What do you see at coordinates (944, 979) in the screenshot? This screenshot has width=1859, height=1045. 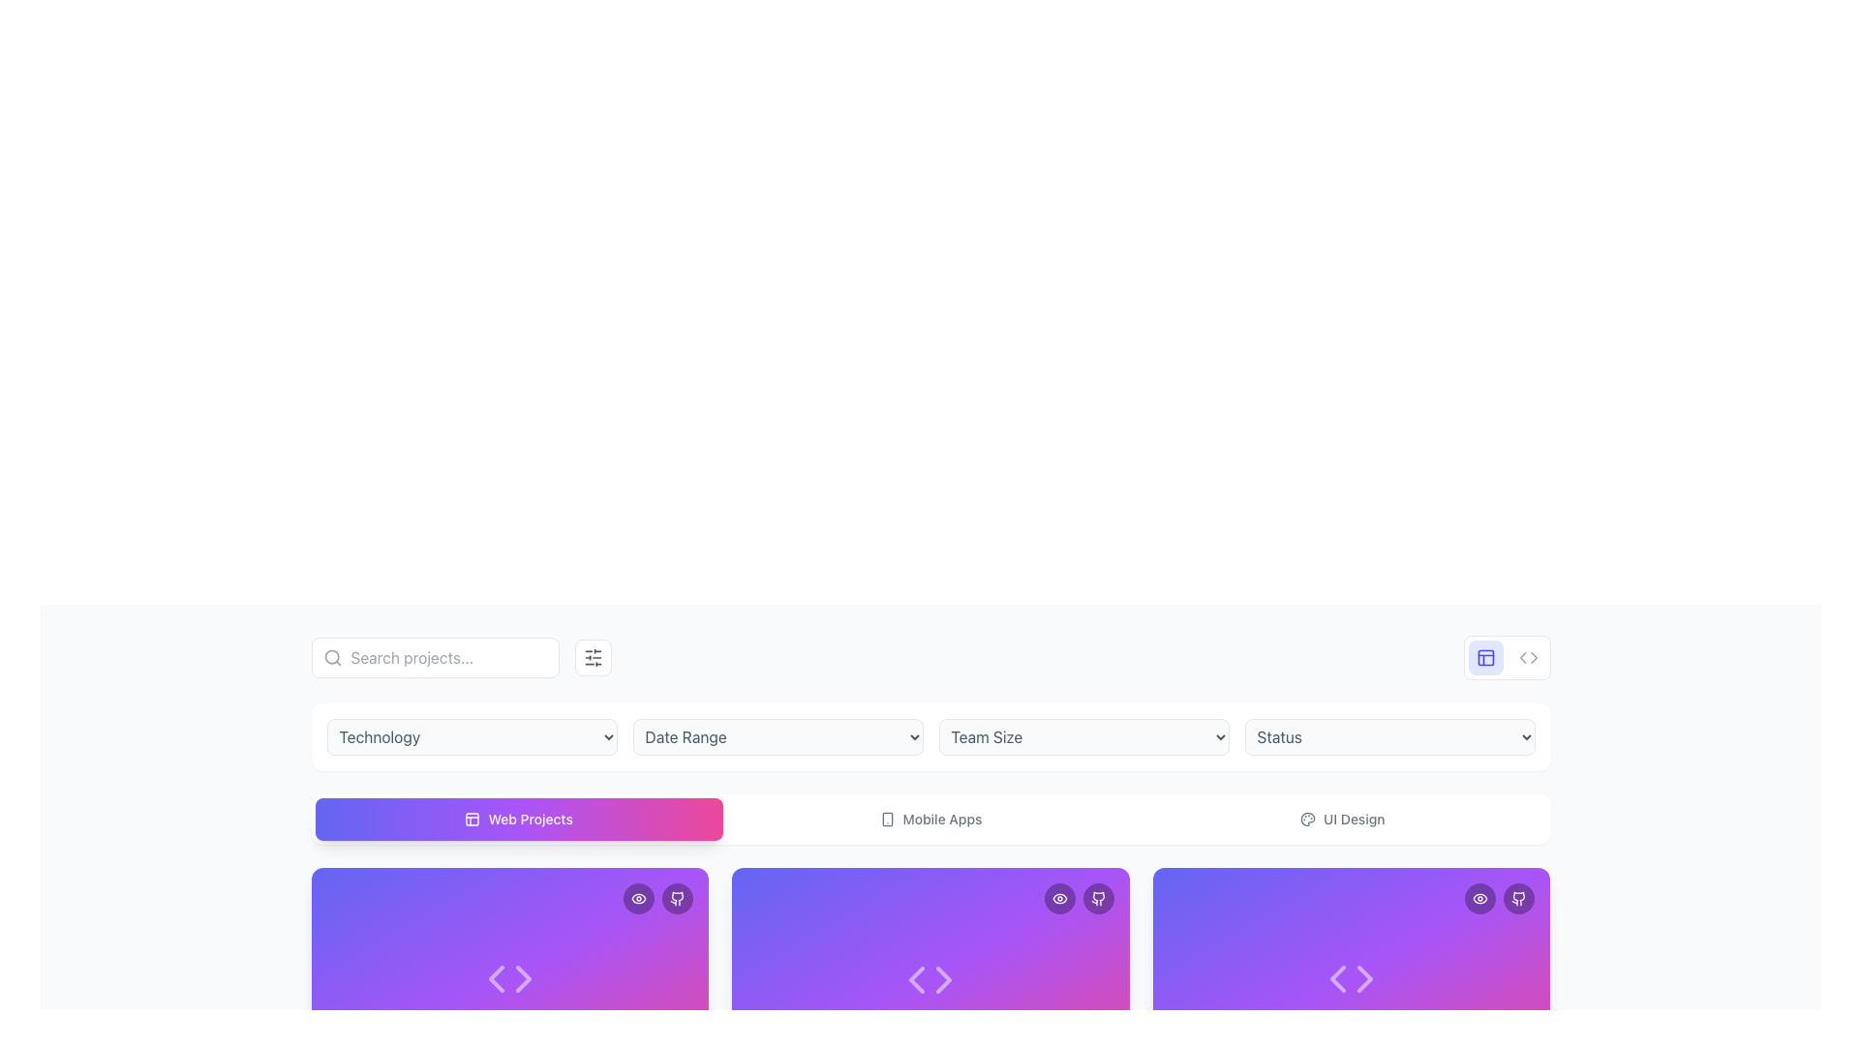 I see `the SVG icon on the right side of the navigation controls at the bottom center of the third card` at bounding box center [944, 979].